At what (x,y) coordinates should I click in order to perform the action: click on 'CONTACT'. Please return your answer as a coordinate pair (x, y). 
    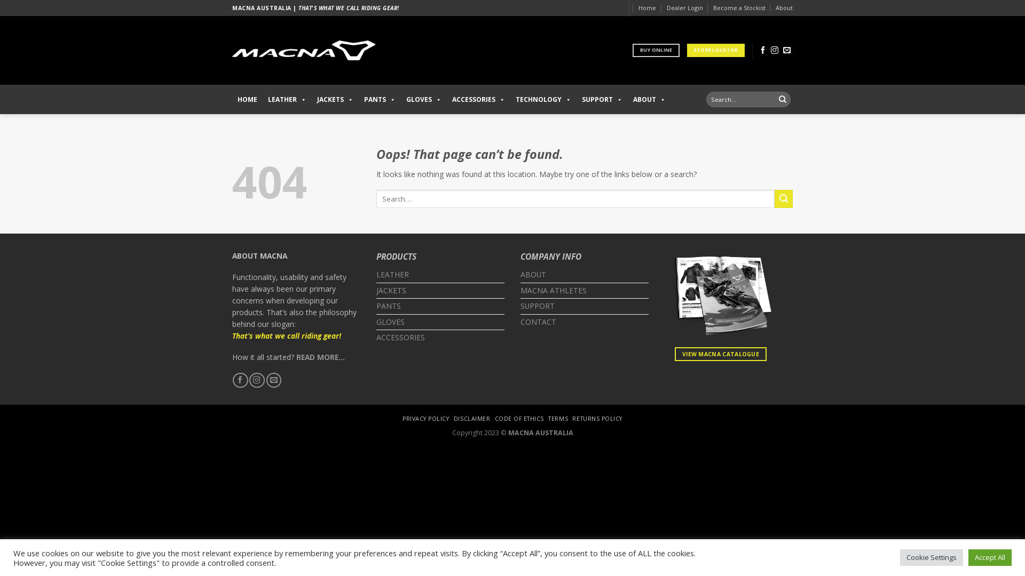
    Looking at the image, I should click on (538, 322).